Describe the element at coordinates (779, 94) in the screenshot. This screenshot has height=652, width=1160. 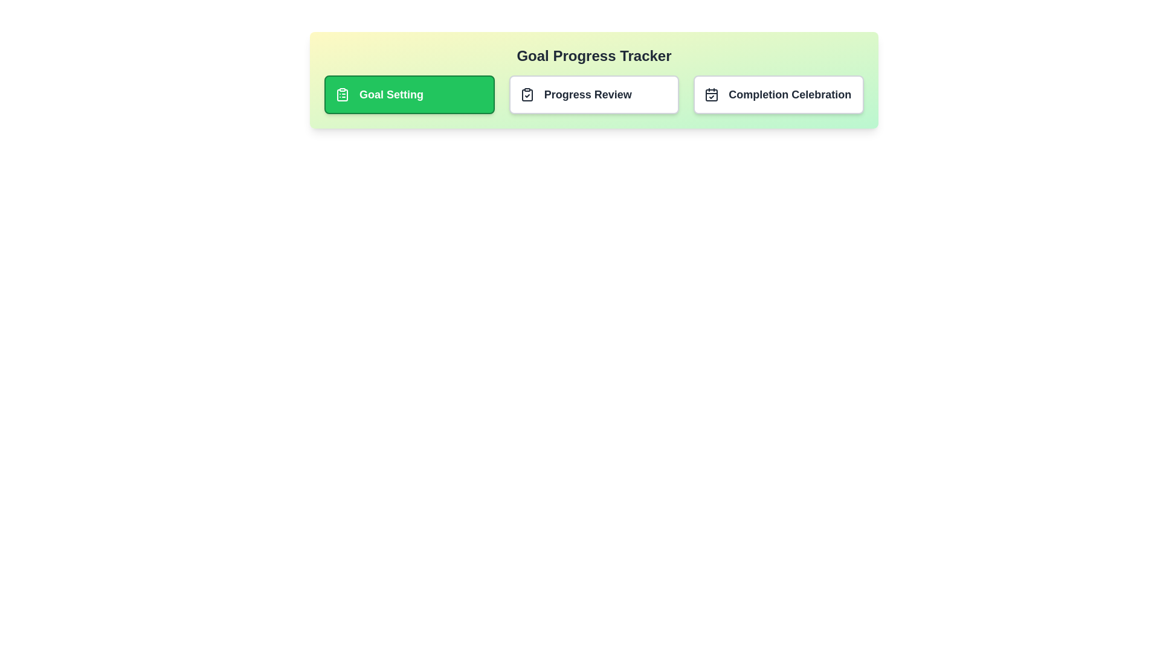
I see `the milestone card for Completion Celebration to observe the hover effect` at that location.